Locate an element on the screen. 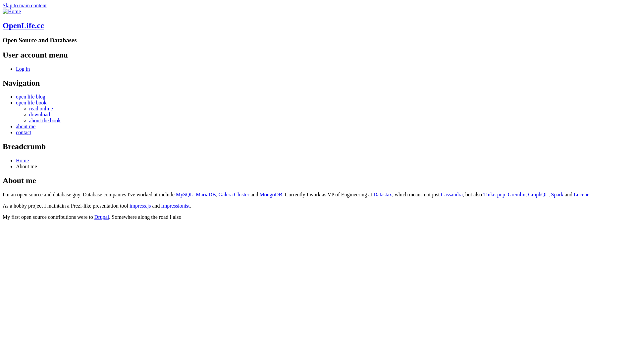 The height and width of the screenshot is (357, 636). 'MySQL' is located at coordinates (184, 194).